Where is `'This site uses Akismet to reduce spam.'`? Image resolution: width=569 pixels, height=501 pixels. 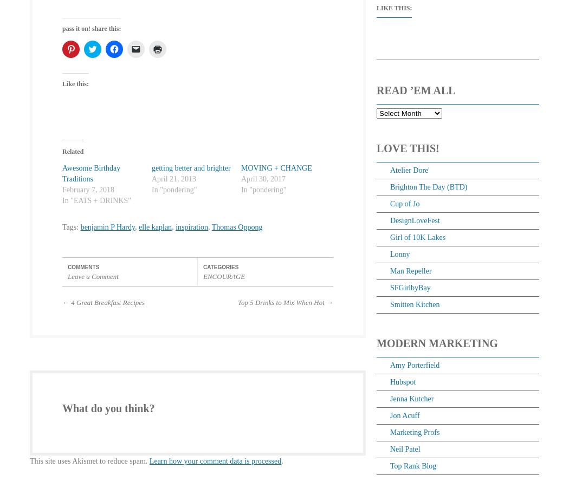
'This site uses Akismet to reduce spam.' is located at coordinates (89, 460).